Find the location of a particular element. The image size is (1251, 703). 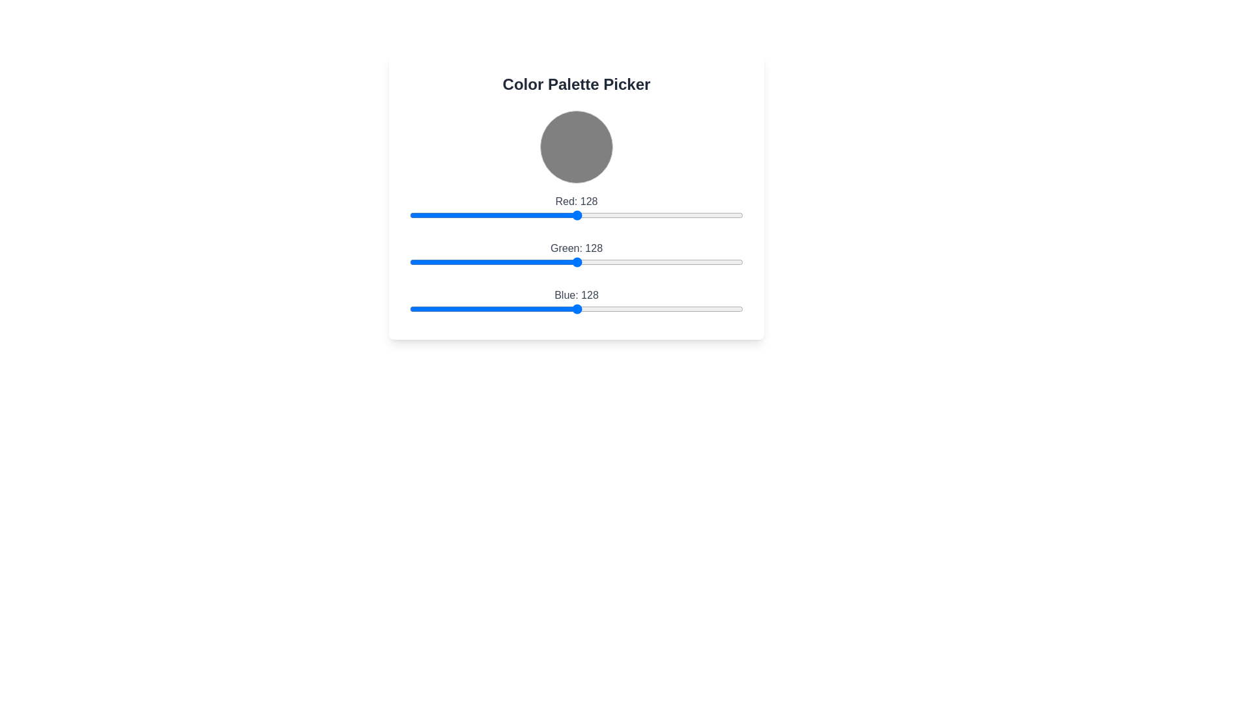

the 'Red' color component is located at coordinates (730, 215).